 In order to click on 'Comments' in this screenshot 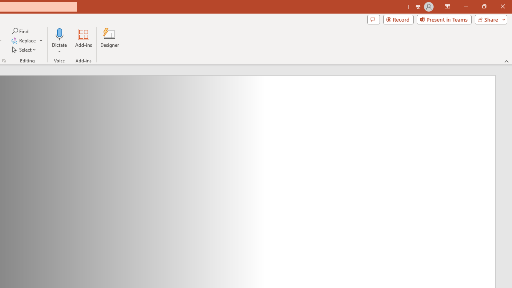, I will do `click(373, 19)`.